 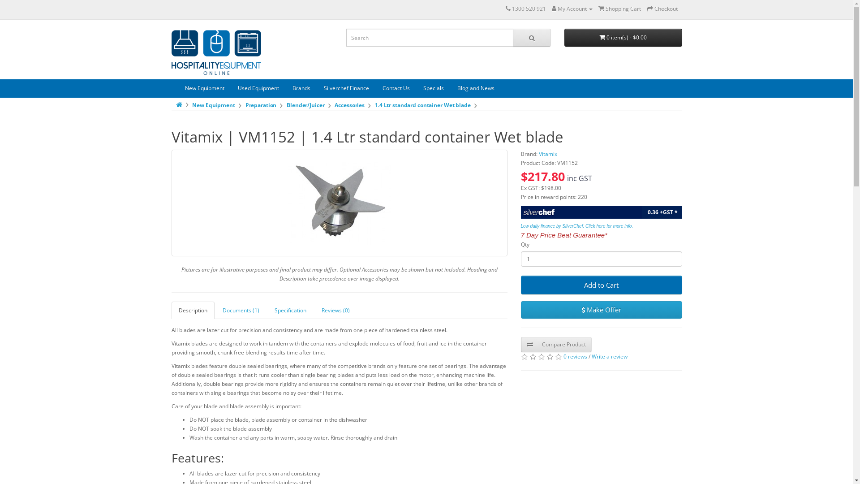 I want to click on '0 item(s) - $0.00', so click(x=623, y=37).